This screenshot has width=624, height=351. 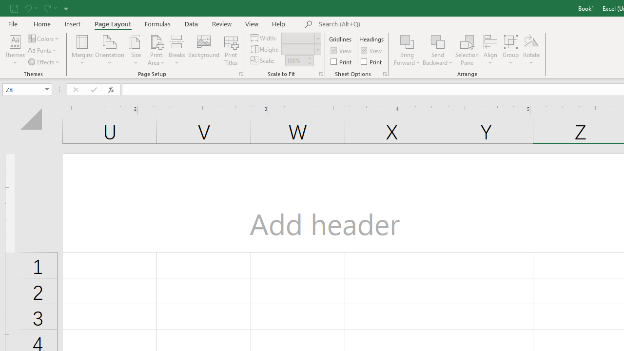 I want to click on 'Background...', so click(x=203, y=50).